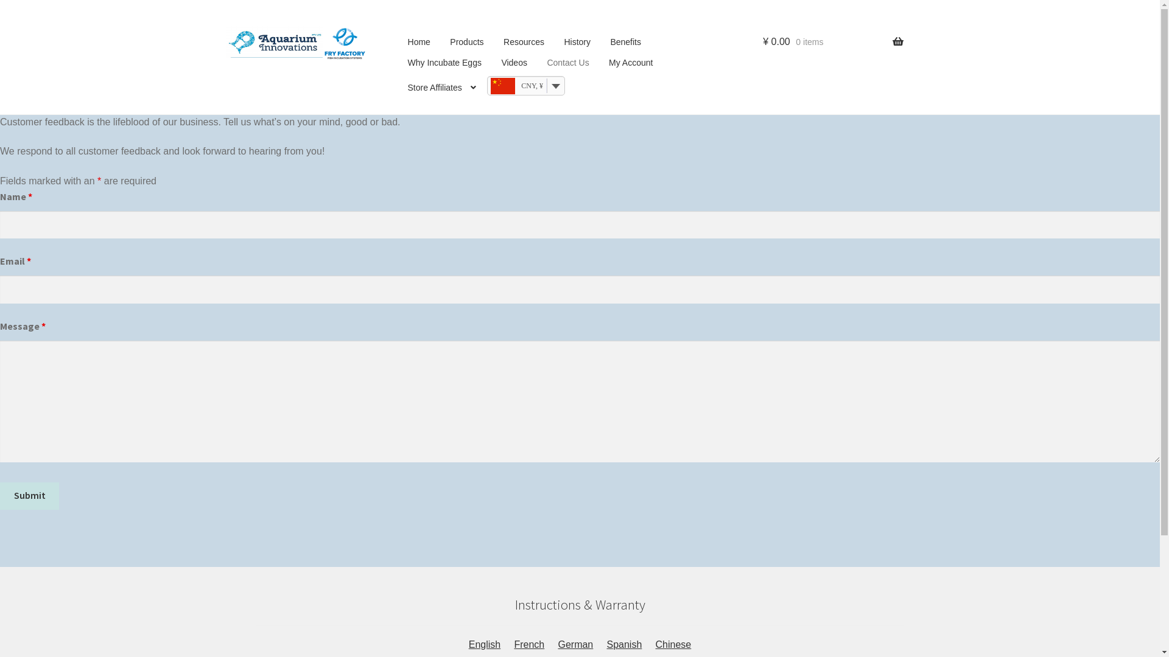 This screenshot has width=1169, height=657. Describe the element at coordinates (419, 44) in the screenshot. I see `'Home'` at that location.